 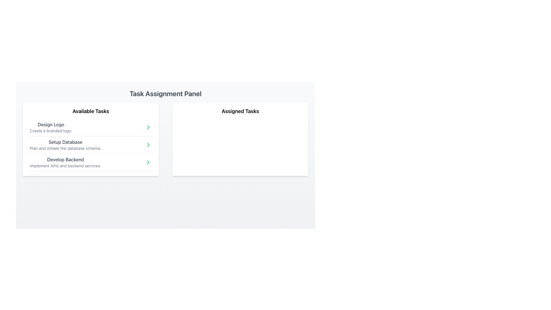 What do you see at coordinates (65, 148) in the screenshot?
I see `descriptive text 'Plan and initiate the database schema.' located beneath the bolded heading 'Setup Database' in the left panel 'Available Tasks'` at bounding box center [65, 148].